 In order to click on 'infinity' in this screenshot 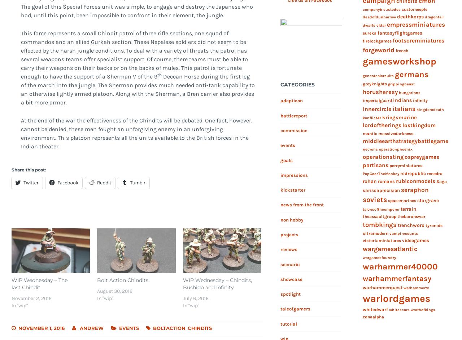, I will do `click(420, 100)`.